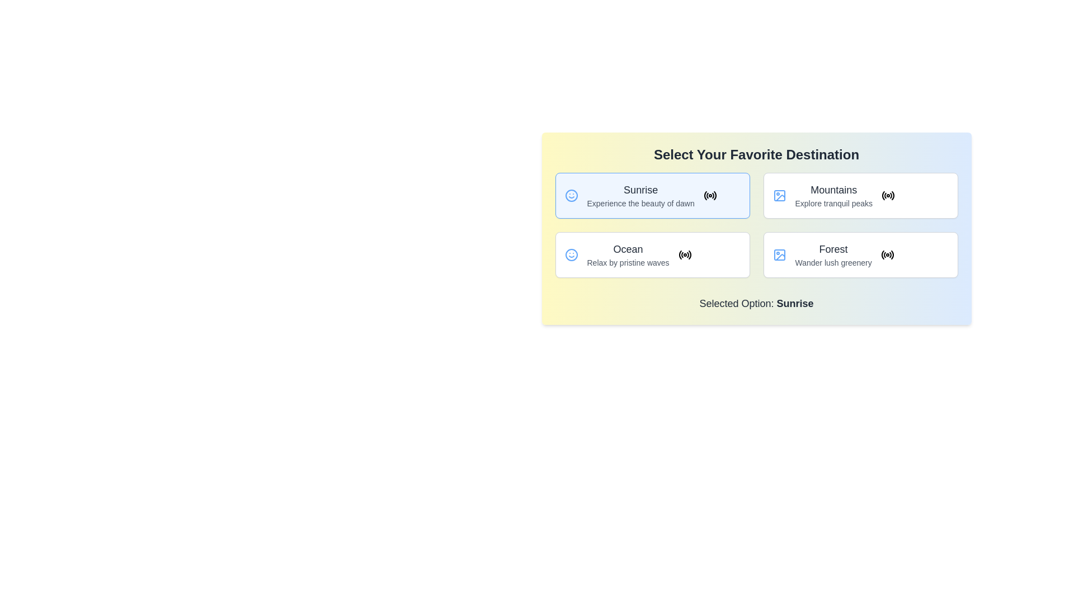 Image resolution: width=1074 pixels, height=604 pixels. I want to click on the text label reading 'Experience the beauty of dawn', which is positioned below the label 'Sunrise' within the top-left corner selection of a grid, so click(640, 203).